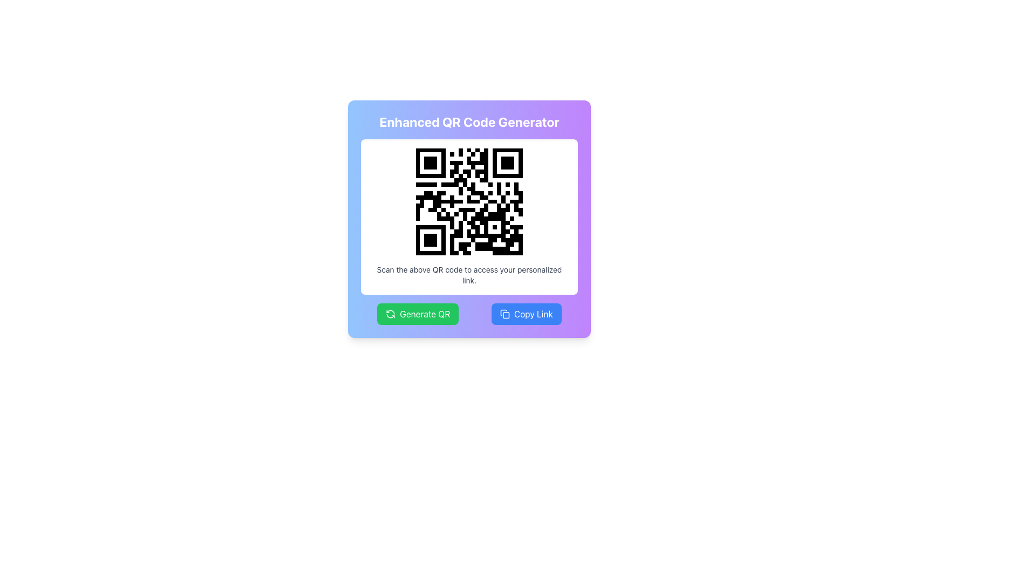  Describe the element at coordinates (417, 314) in the screenshot. I see `the first button from the left, located directly below the displayed QR code, to generate a QR code` at that location.